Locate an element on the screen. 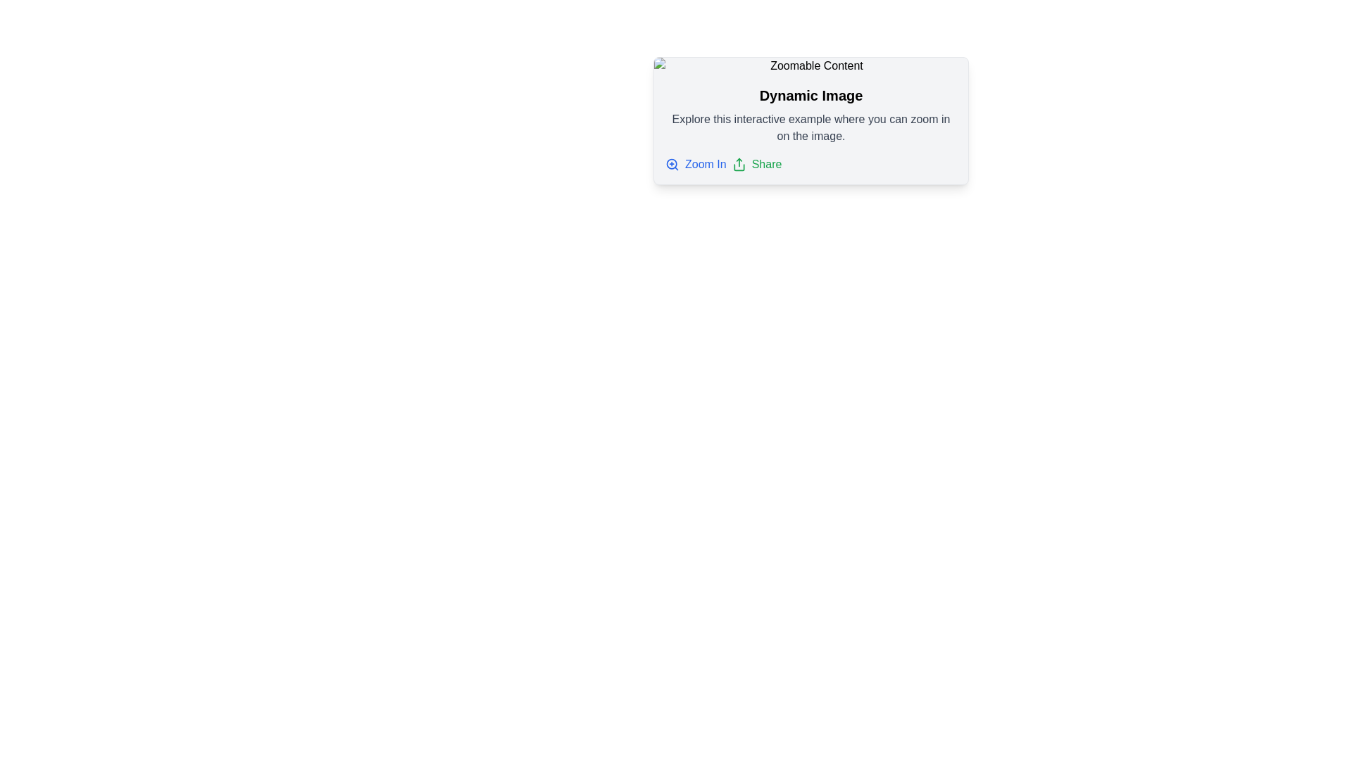  the magnifying glass icon with a '+' sign representing a zoom-in action, located near the left side of the 'Zoom In' label is located at coordinates (672, 164).